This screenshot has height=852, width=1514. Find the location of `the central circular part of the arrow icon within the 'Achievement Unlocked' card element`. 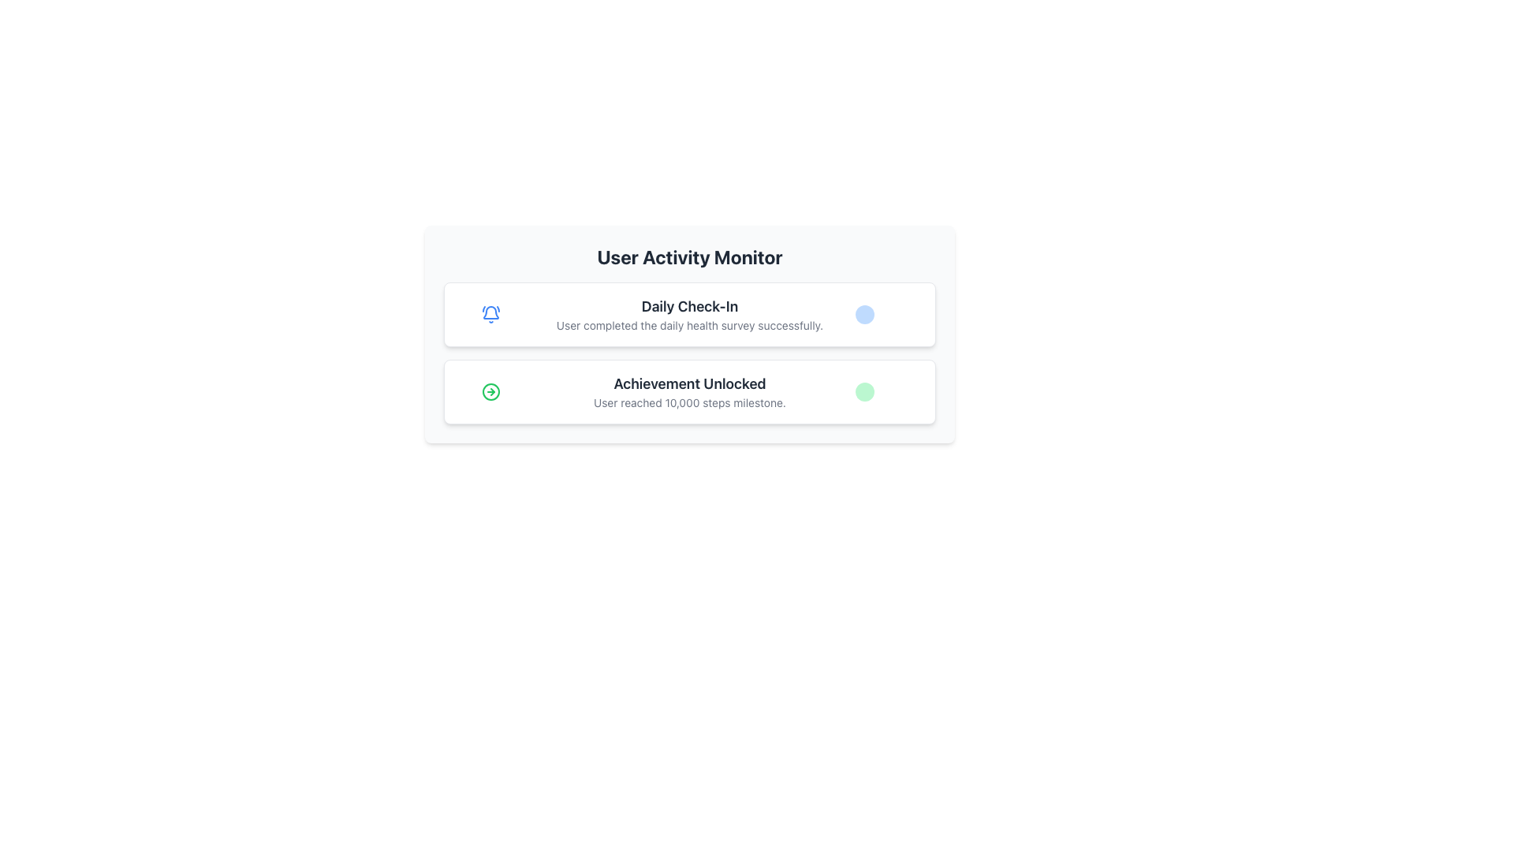

the central circular part of the arrow icon within the 'Achievement Unlocked' card element is located at coordinates (490, 391).